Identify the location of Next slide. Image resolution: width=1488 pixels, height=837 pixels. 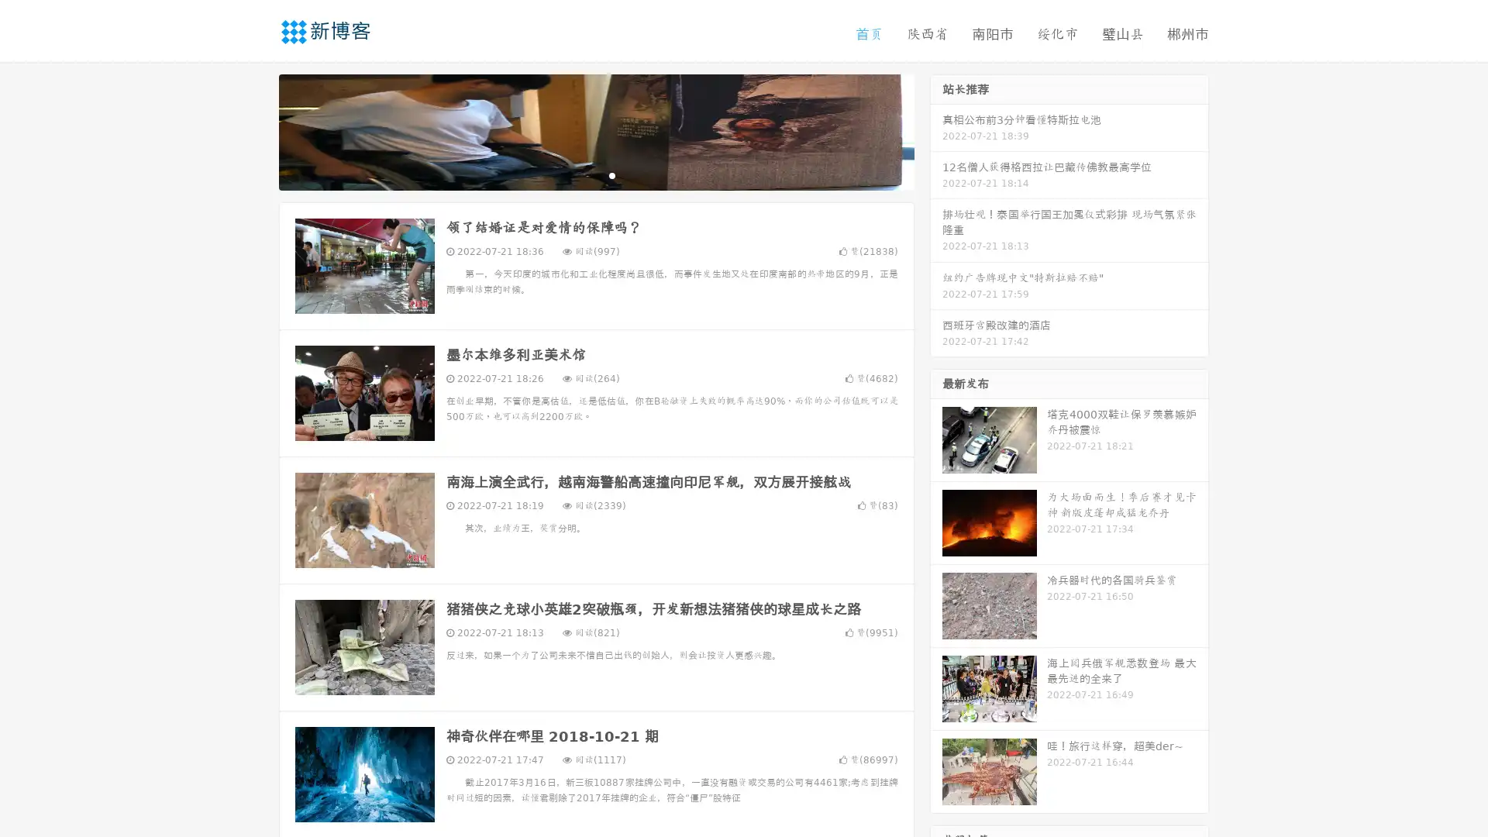
(936, 130).